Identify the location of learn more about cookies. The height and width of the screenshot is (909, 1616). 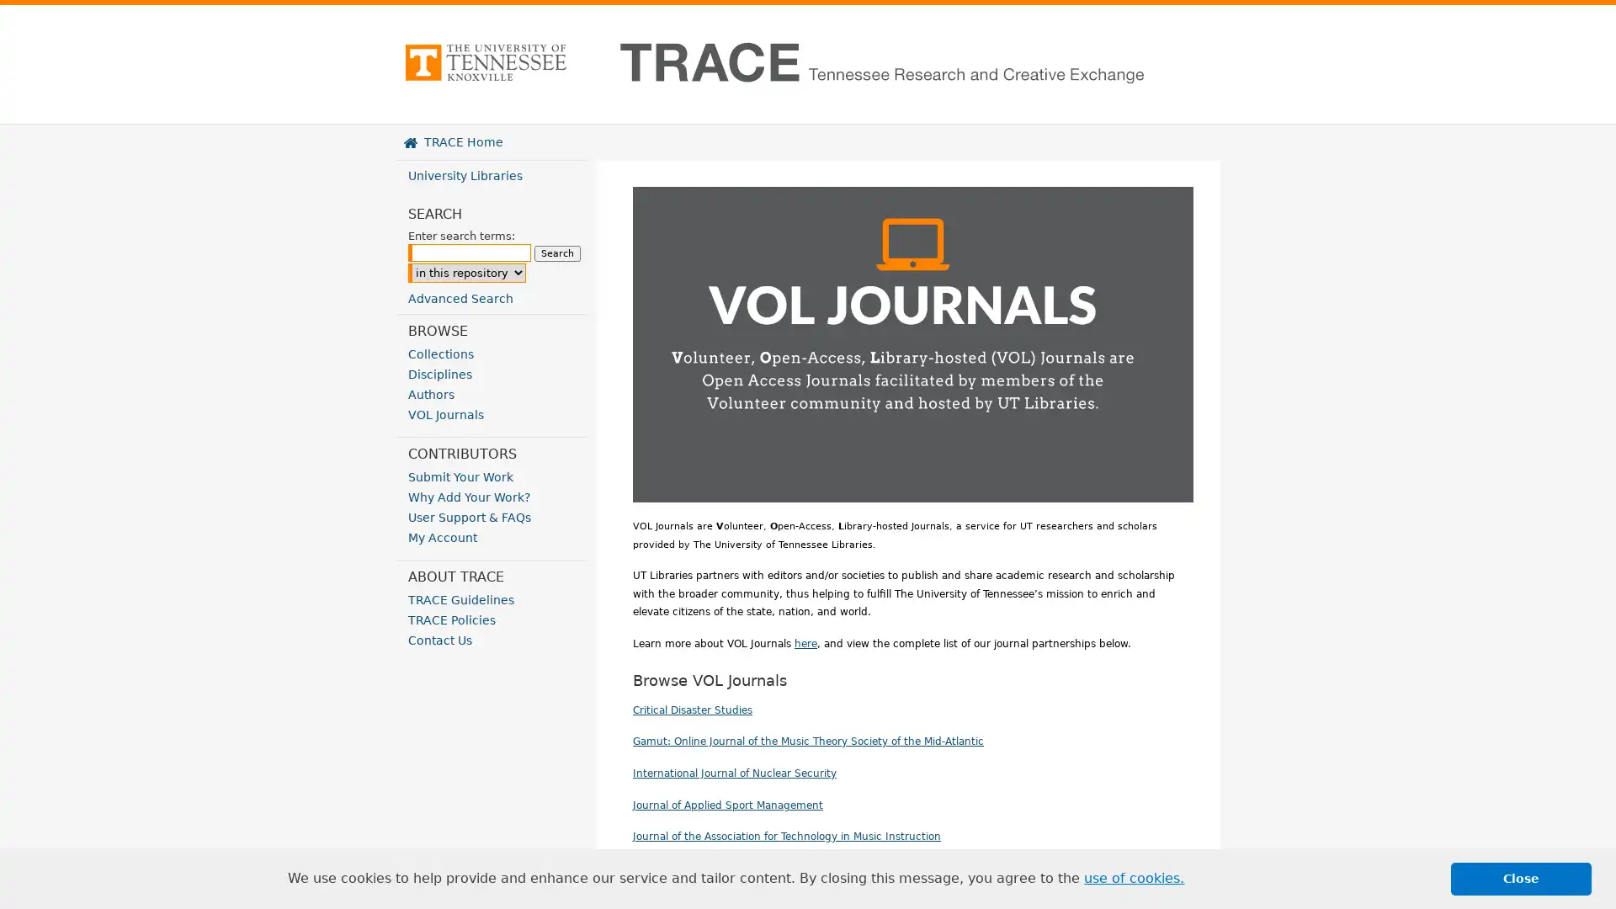
(1134, 878).